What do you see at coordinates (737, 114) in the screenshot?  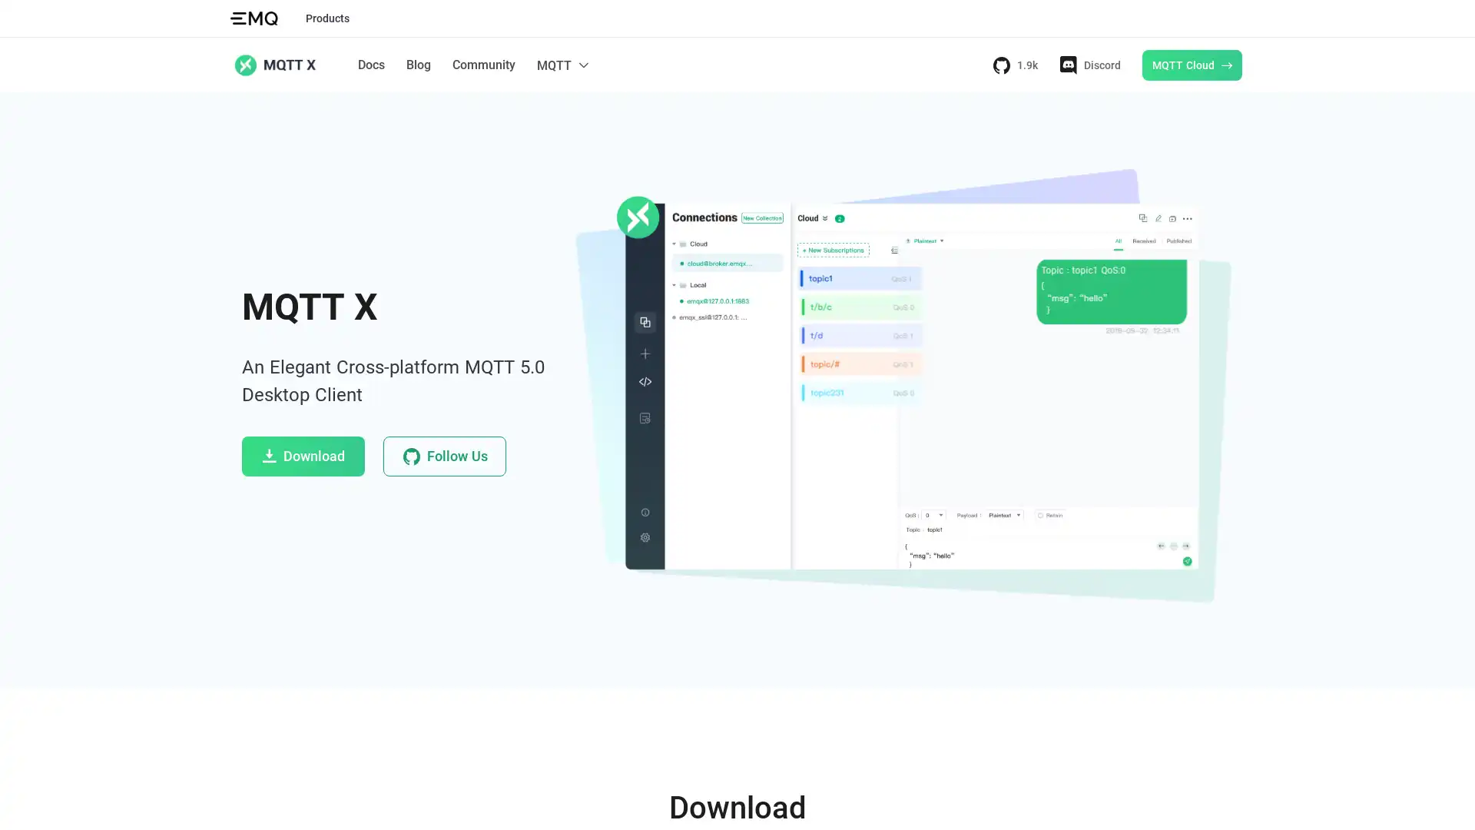 I see `Docs` at bounding box center [737, 114].